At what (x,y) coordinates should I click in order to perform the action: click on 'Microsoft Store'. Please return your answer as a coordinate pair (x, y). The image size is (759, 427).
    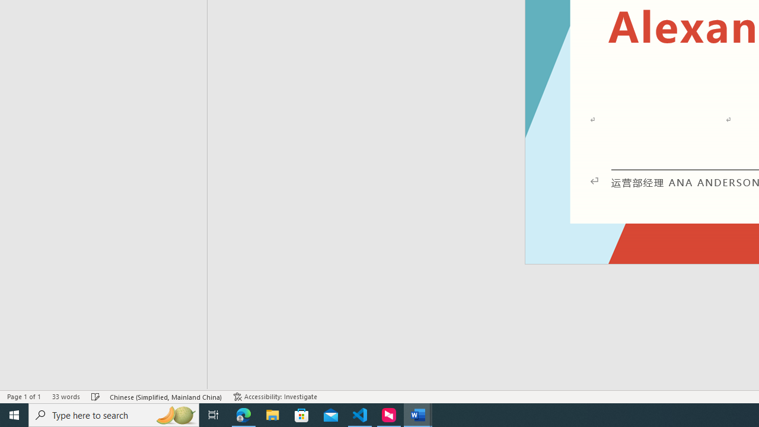
    Looking at the image, I should click on (302, 414).